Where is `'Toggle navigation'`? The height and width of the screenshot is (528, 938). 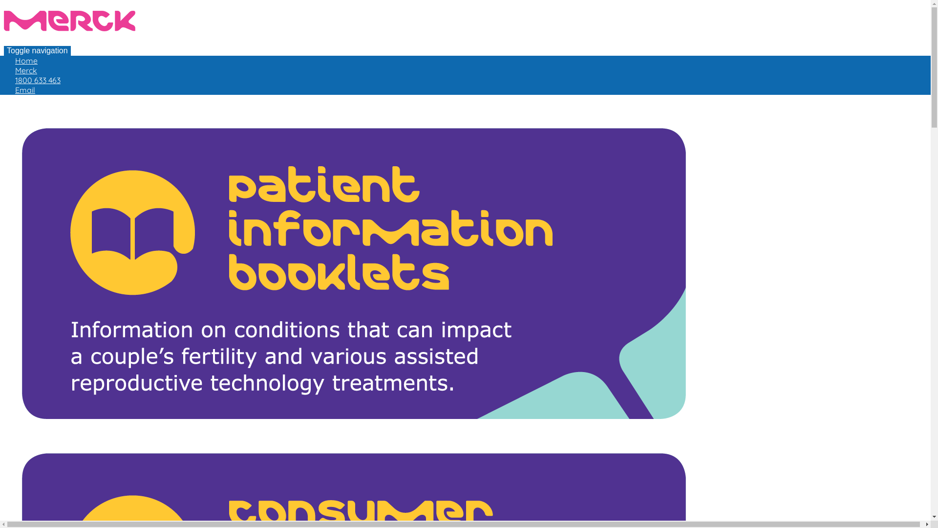
'Toggle navigation' is located at coordinates (37, 51).